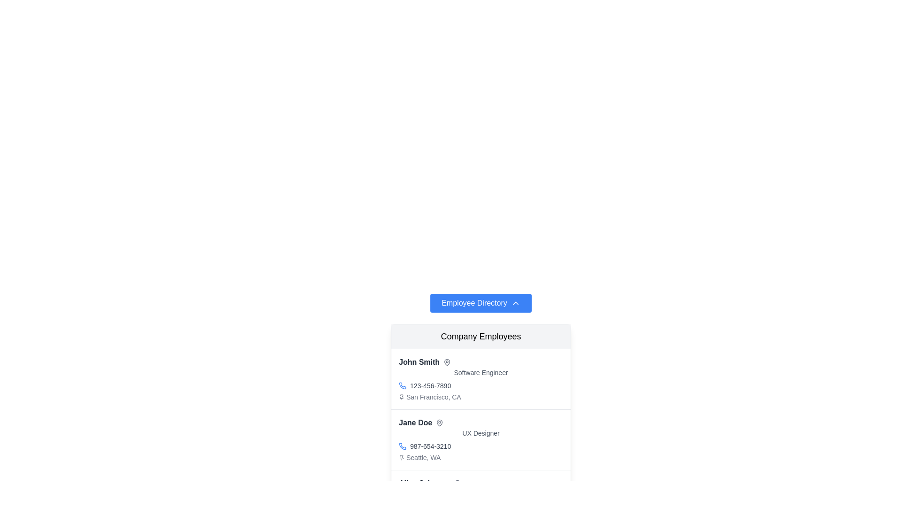 This screenshot has height=507, width=901. What do you see at coordinates (430, 446) in the screenshot?
I see `the text display element that shows the phone number of 'Jane Doe', located under her entry in the employee directory and beside a blue phone icon` at bounding box center [430, 446].